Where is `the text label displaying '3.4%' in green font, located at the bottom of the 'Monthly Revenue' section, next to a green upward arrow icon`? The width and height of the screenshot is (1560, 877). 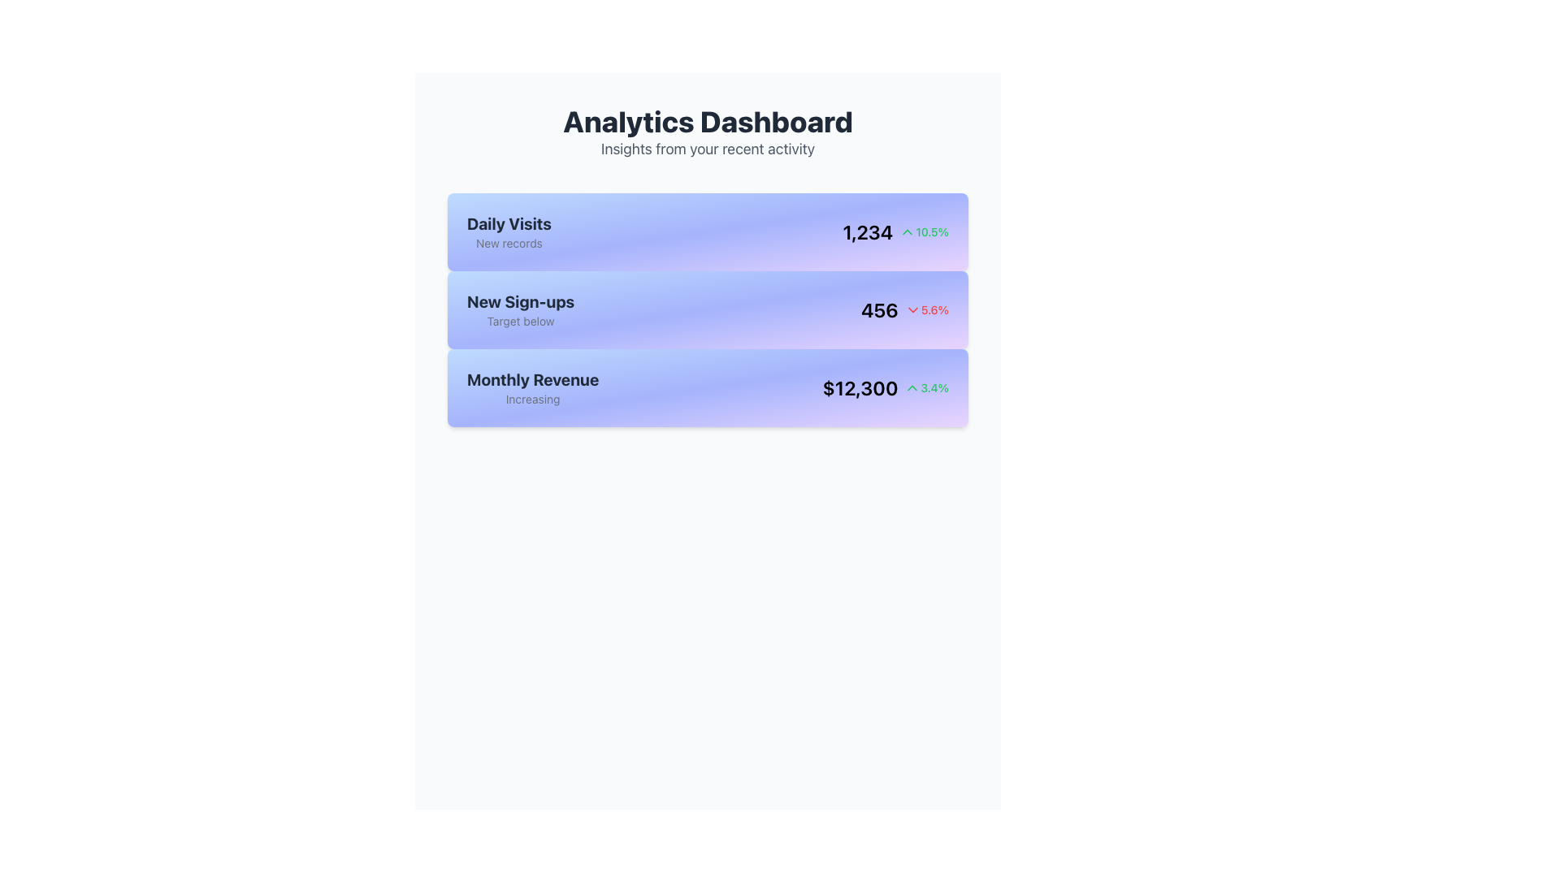 the text label displaying '3.4%' in green font, located at the bottom of the 'Monthly Revenue' section, next to a green upward arrow icon is located at coordinates (934, 388).